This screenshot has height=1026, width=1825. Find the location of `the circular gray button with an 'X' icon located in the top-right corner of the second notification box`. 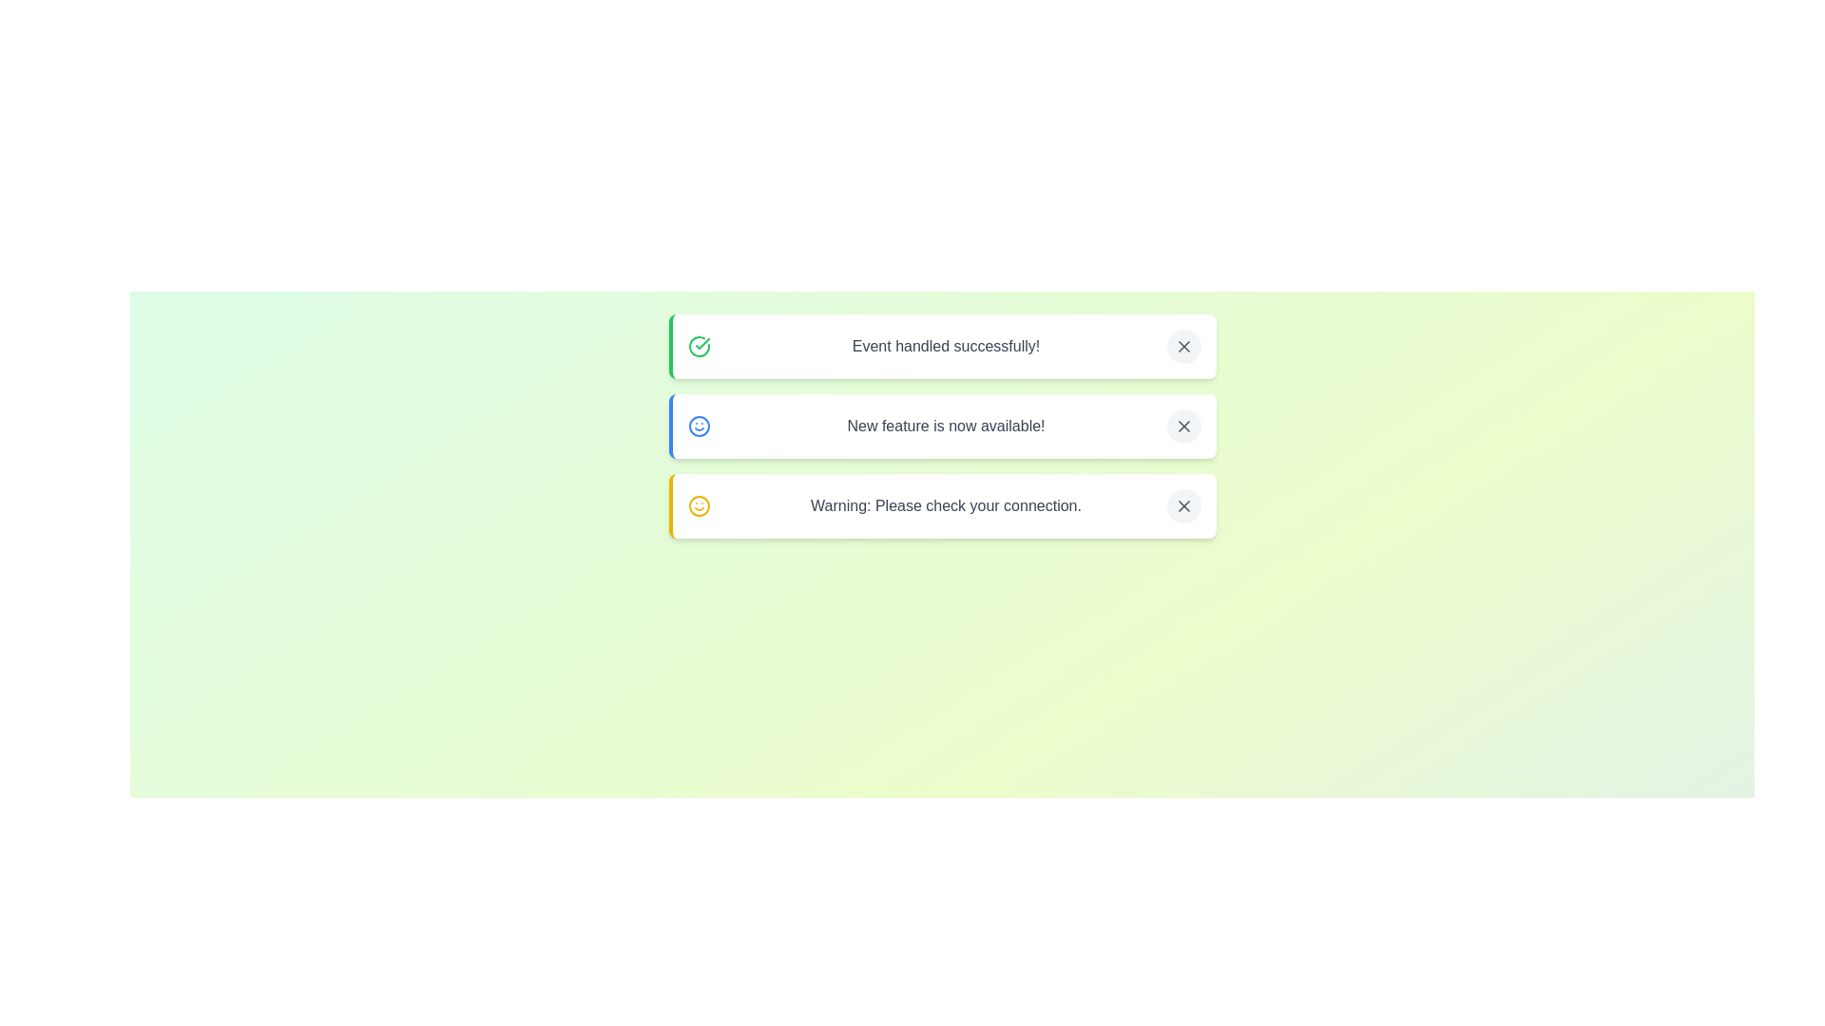

the circular gray button with an 'X' icon located in the top-right corner of the second notification box is located at coordinates (1182, 425).